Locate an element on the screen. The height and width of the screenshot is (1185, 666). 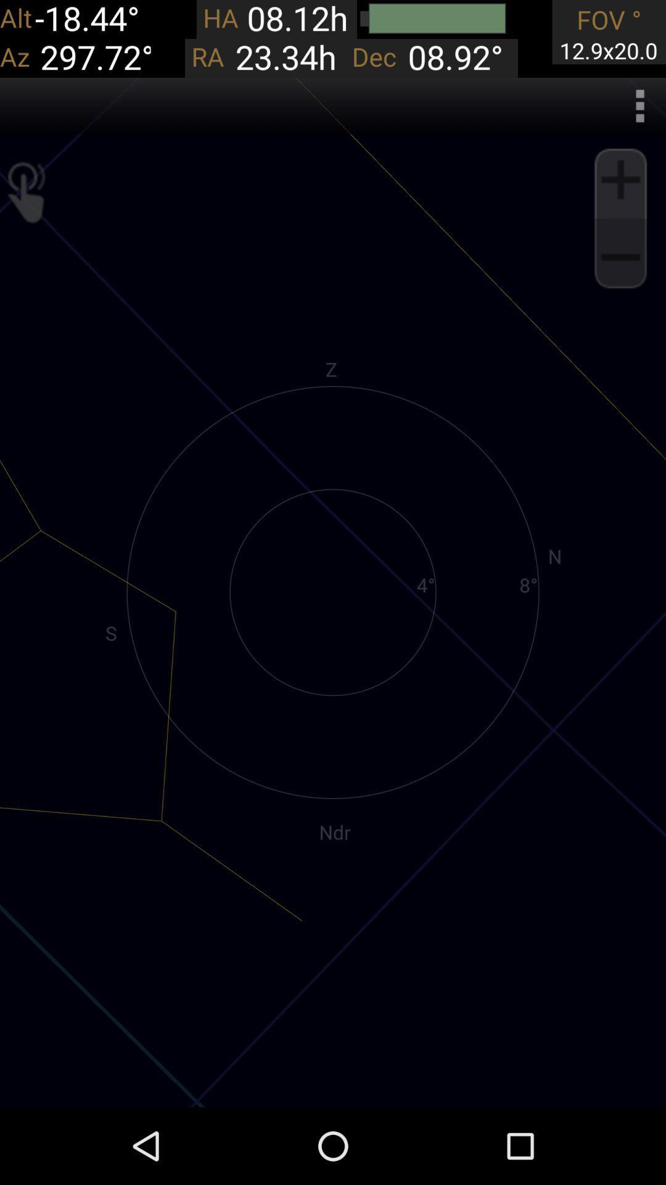
zoom in is located at coordinates (620, 179).